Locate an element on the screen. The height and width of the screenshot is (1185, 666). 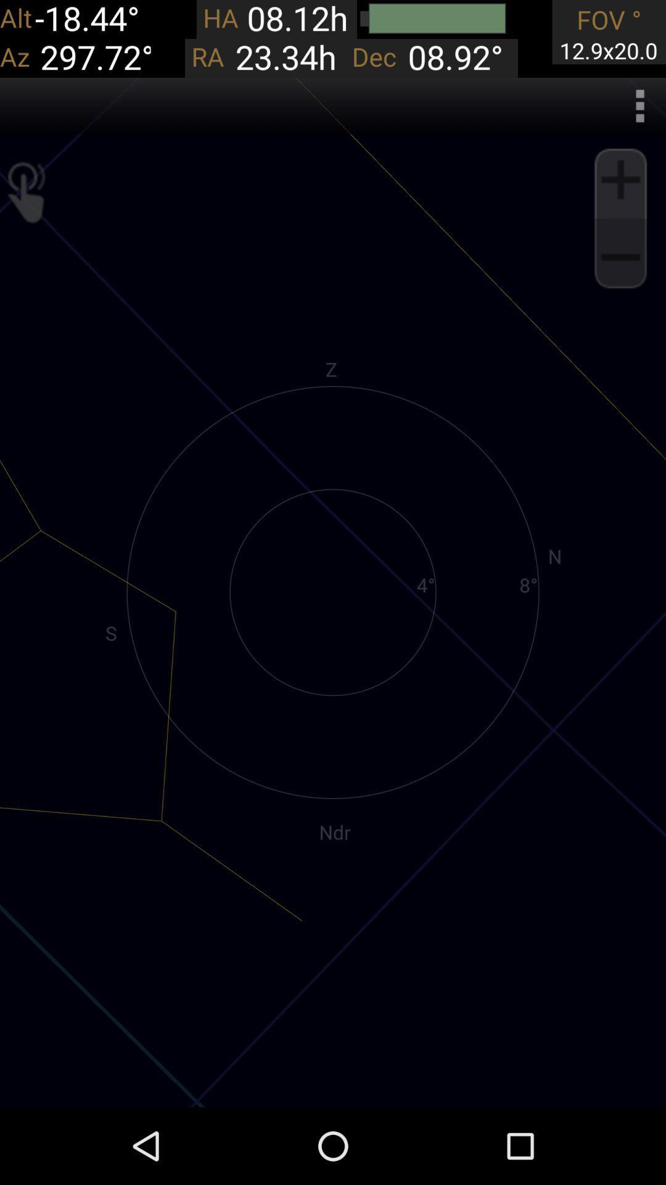
zoom in is located at coordinates (620, 179).